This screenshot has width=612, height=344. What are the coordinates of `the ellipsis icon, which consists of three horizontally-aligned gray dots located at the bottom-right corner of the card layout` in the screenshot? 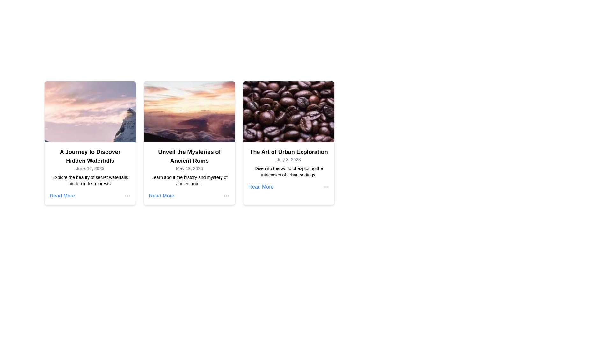 It's located at (127, 195).